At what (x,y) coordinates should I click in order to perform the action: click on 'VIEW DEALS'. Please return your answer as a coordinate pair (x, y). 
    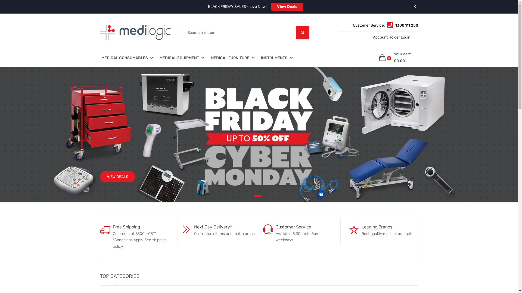
    Looking at the image, I should click on (117, 177).